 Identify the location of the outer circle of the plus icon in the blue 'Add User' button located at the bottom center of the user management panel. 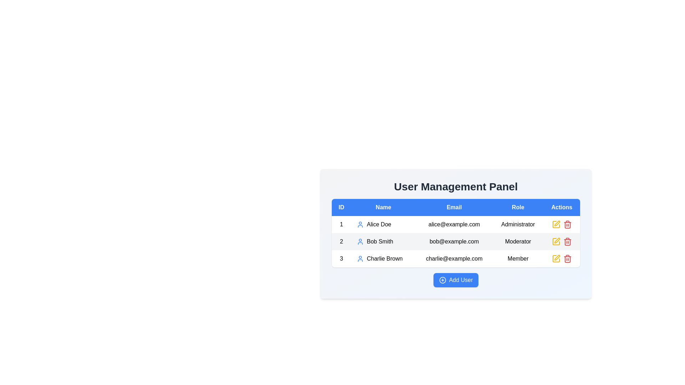
(442, 280).